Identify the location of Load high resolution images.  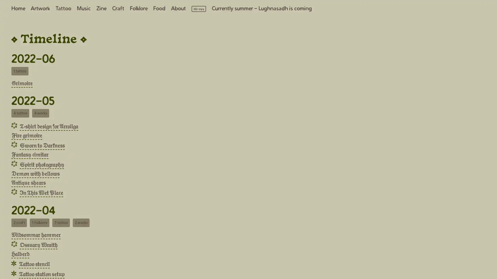
(199, 9).